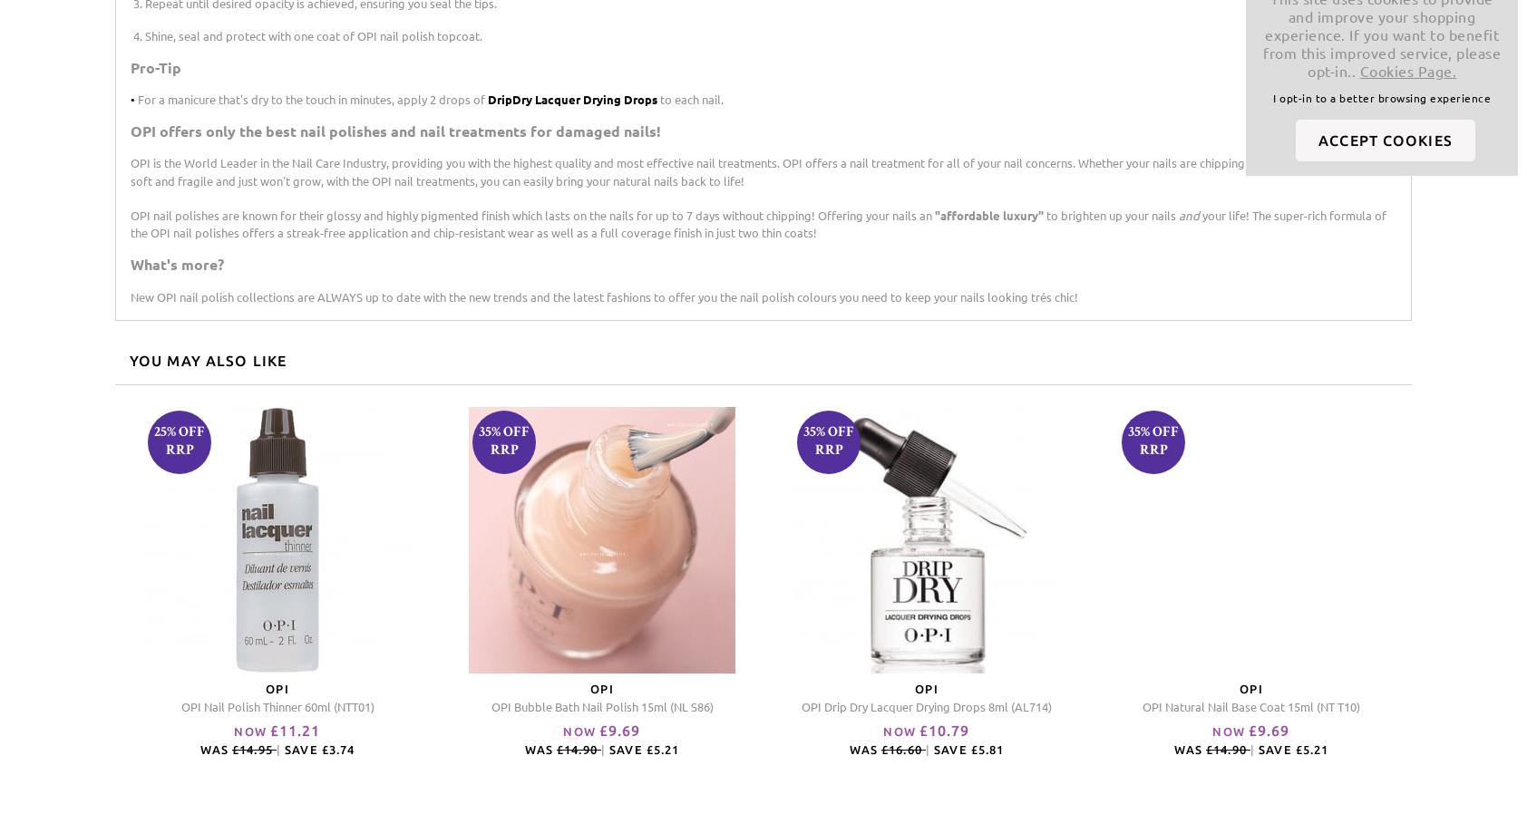 This screenshot has height=814, width=1527. Describe the element at coordinates (989, 214) in the screenshot. I see `'"affordable luxury"'` at that location.